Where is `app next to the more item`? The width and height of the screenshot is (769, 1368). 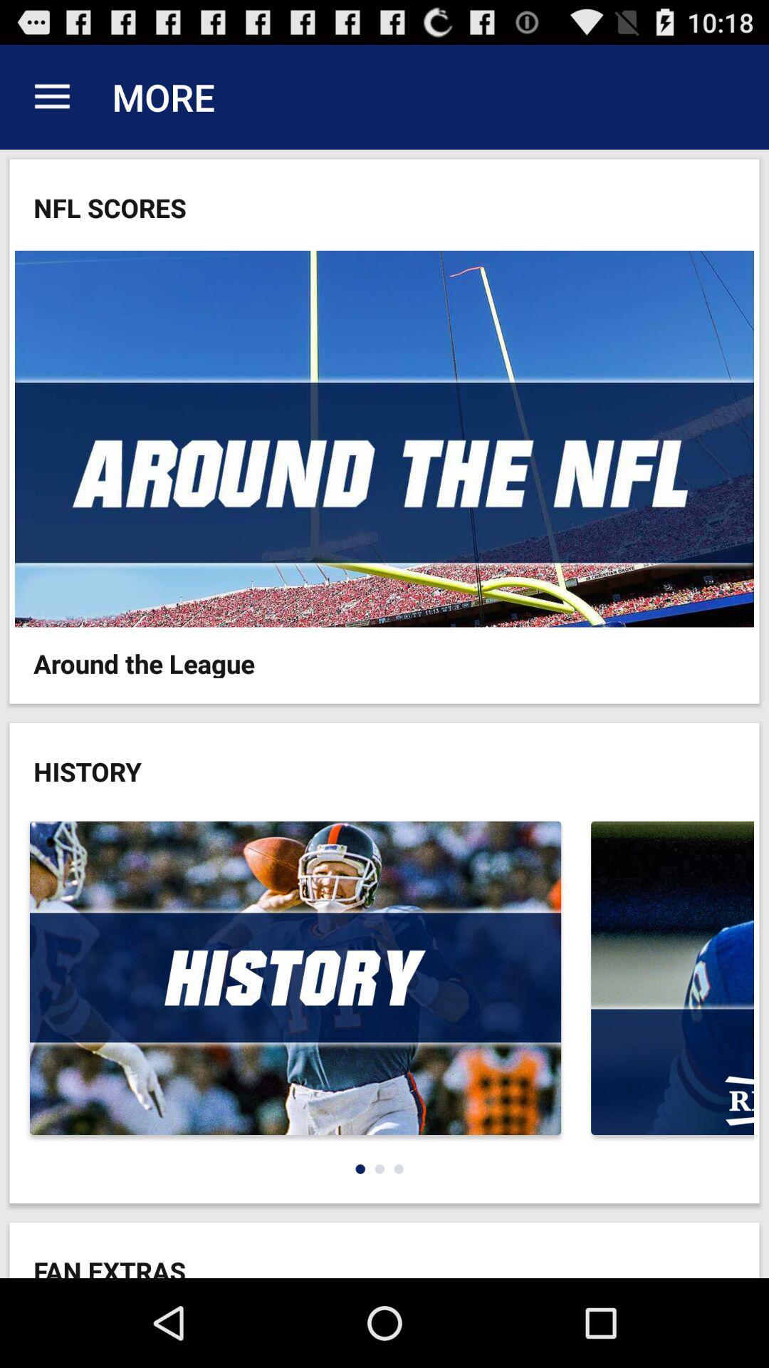 app next to the more item is located at coordinates (51, 96).